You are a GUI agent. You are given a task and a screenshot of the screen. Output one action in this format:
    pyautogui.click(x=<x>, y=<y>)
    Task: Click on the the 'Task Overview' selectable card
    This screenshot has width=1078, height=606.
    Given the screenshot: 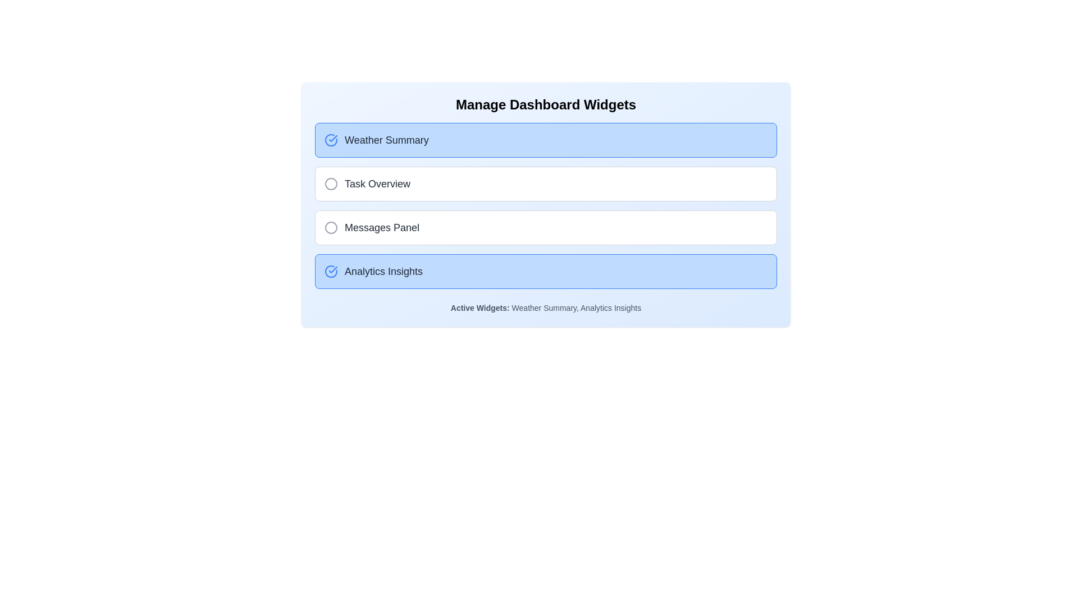 What is the action you would take?
    pyautogui.click(x=546, y=183)
    